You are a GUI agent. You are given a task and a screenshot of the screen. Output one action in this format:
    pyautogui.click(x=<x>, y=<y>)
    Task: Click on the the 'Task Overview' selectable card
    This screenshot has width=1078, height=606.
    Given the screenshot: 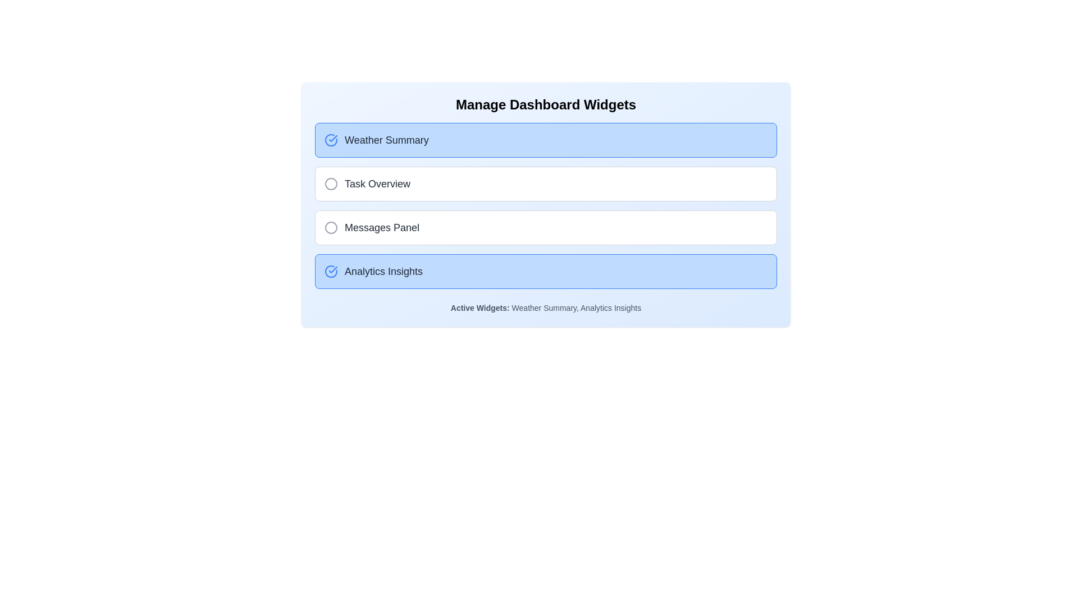 What is the action you would take?
    pyautogui.click(x=546, y=183)
    